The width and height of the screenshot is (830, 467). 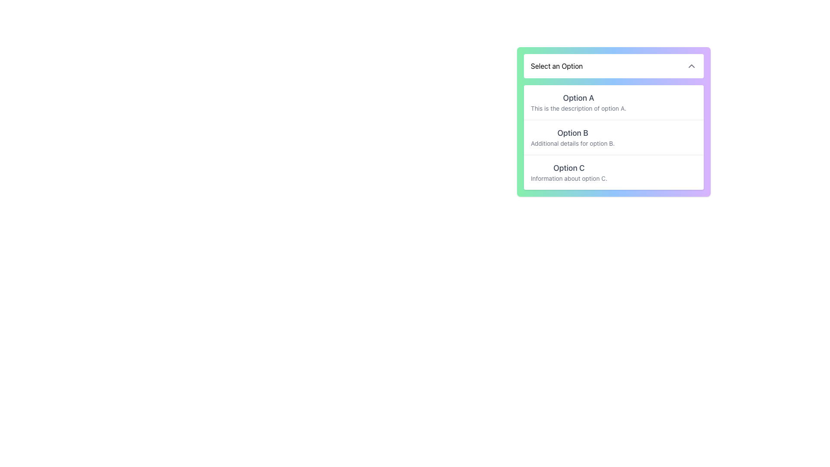 I want to click on text from the title label for the third selectable option in the drop-down menu, which is located directly above the descriptive text 'Information about option C.', so click(x=569, y=168).